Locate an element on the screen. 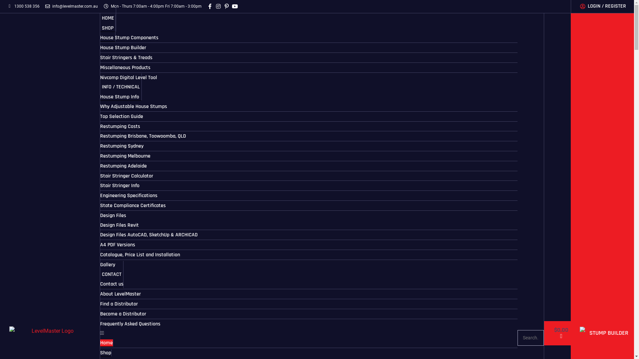  'Design Files Revit' is located at coordinates (119, 225).